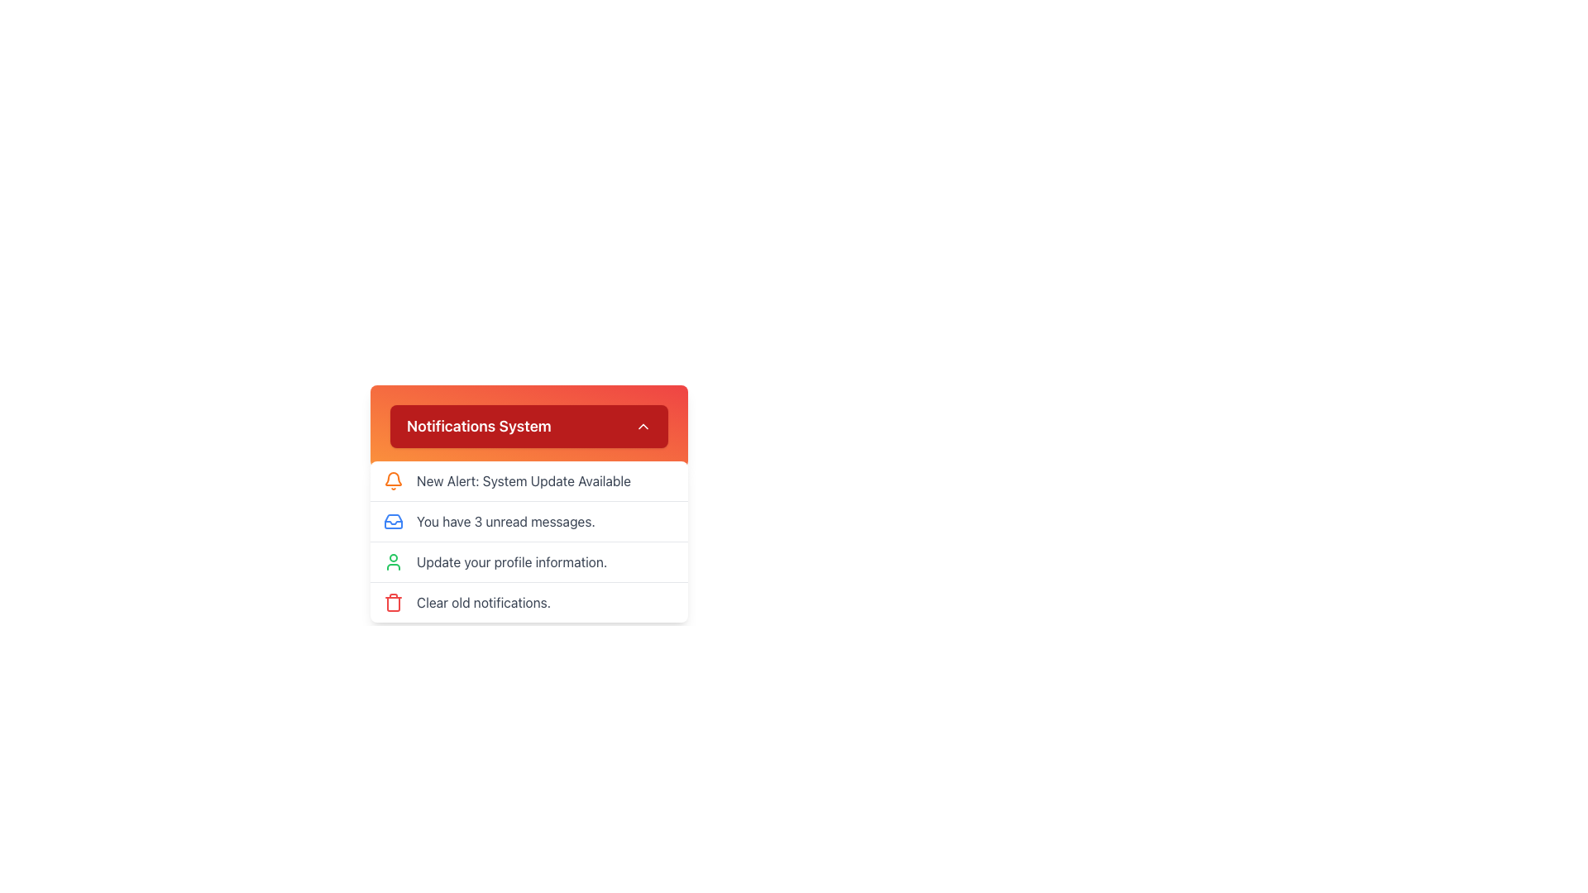 This screenshot has height=893, width=1588. I want to click on the second icon in the notification list under the 'Notifications System' header, which indicates 'You have 3 unread messages', so click(392, 522).